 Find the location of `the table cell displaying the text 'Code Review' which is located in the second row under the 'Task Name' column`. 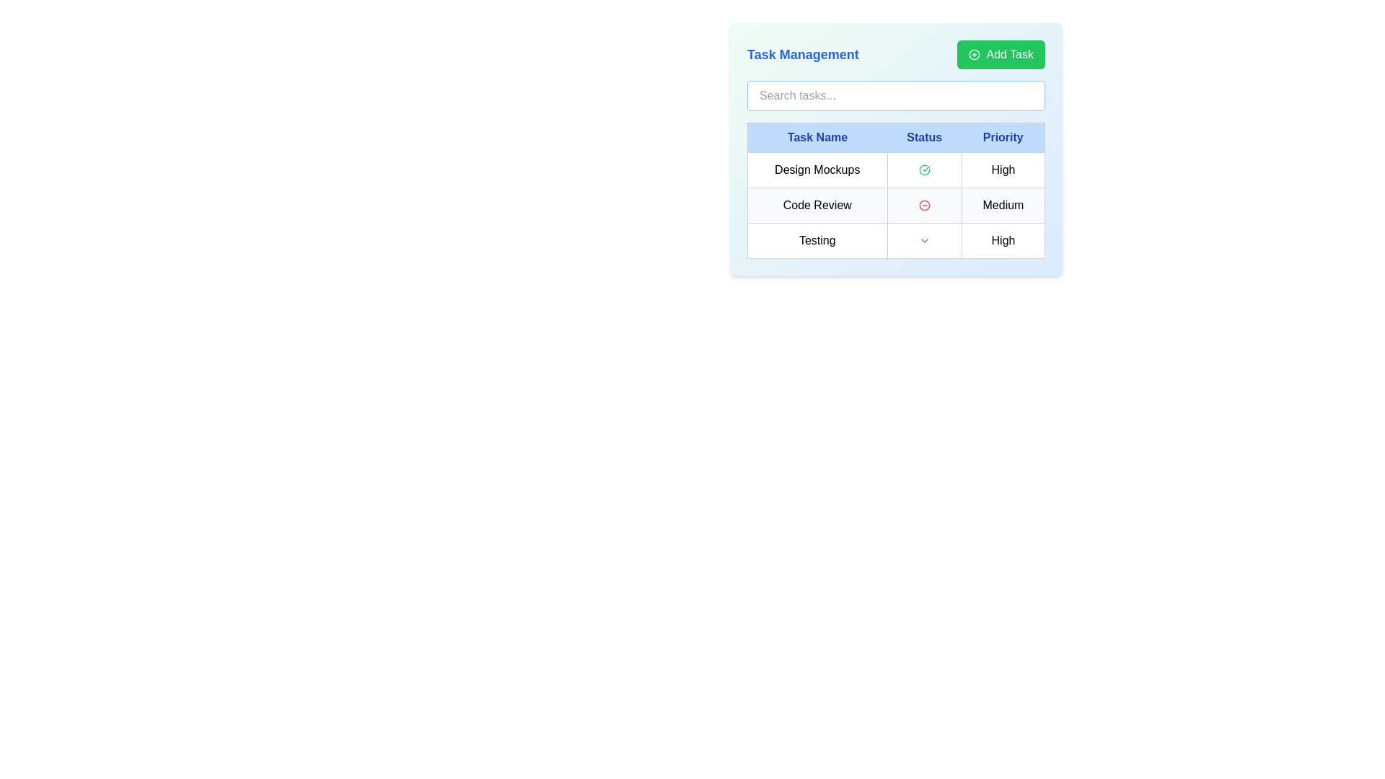

the table cell displaying the text 'Code Review' which is located in the second row under the 'Task Name' column is located at coordinates (817, 206).